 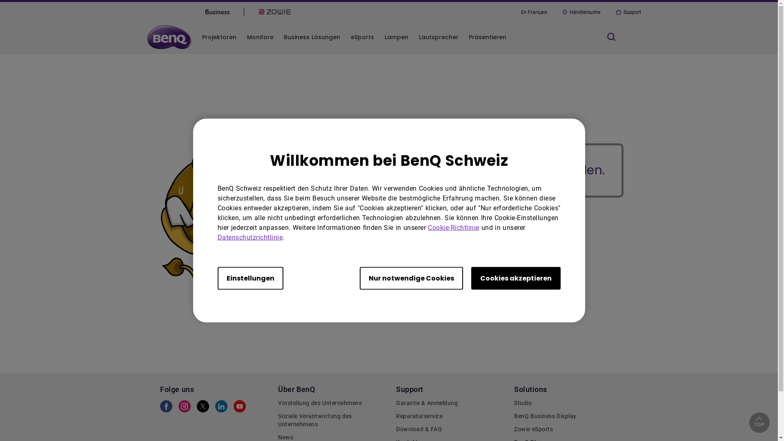 I want to click on 'Studio', so click(x=513, y=403).